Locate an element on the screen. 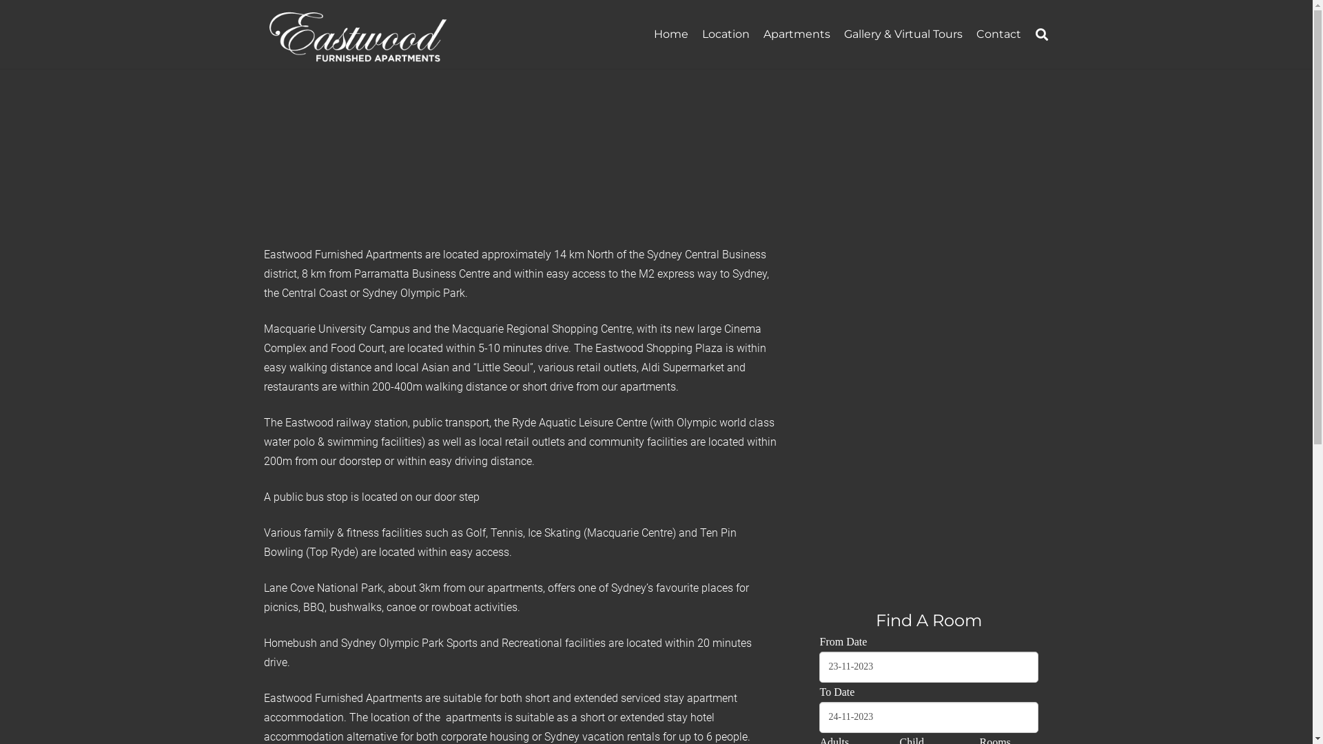 This screenshot has width=1323, height=744. 'Apartments' is located at coordinates (797, 34).